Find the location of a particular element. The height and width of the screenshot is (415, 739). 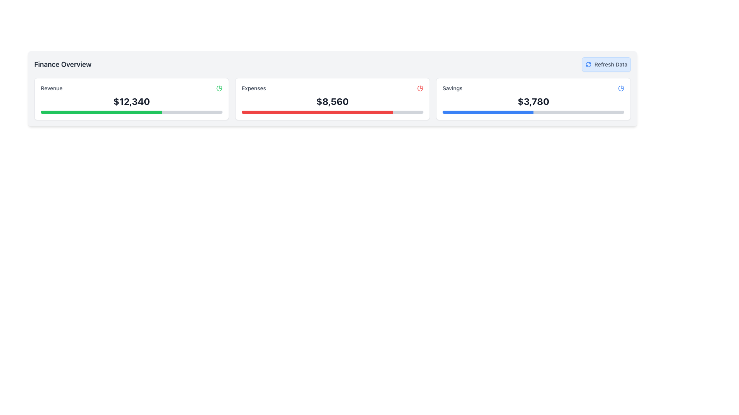

bold text label displaying the financial figure '$3,780' located in the center of the 'Savings' card on the Finance Overview dashboard is located at coordinates (533, 101).